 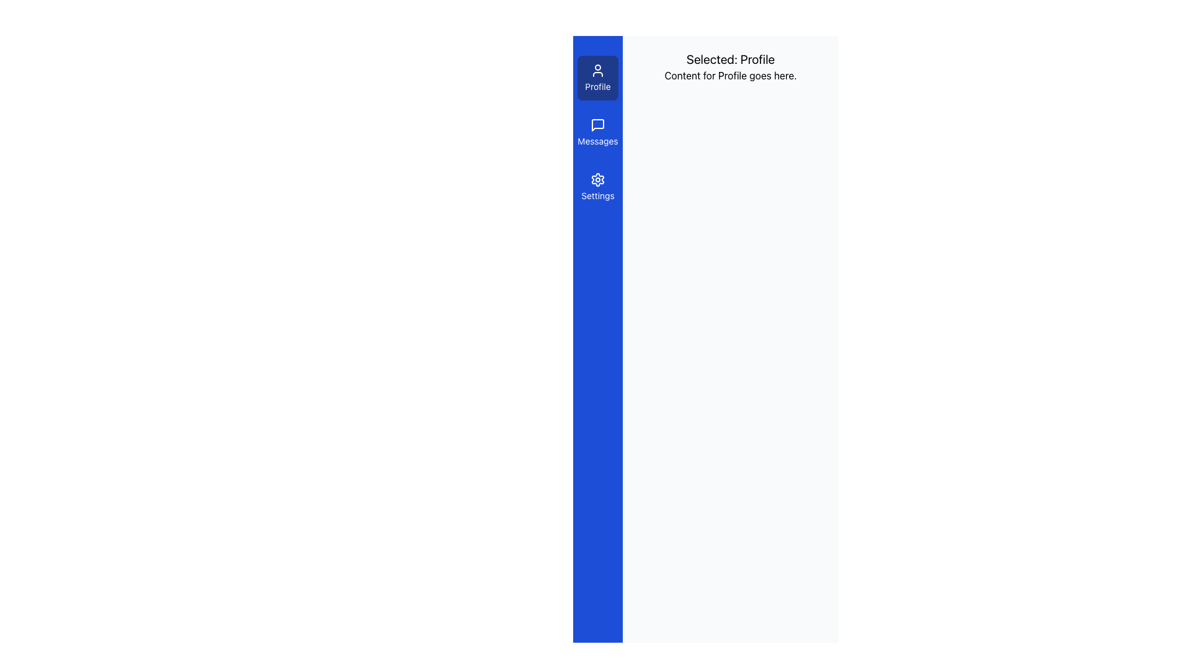 What do you see at coordinates (598, 187) in the screenshot?
I see `the 'Settings' button located in the vertical navigation sidebar, which has a blue background and includes a white gear icon above the text` at bounding box center [598, 187].